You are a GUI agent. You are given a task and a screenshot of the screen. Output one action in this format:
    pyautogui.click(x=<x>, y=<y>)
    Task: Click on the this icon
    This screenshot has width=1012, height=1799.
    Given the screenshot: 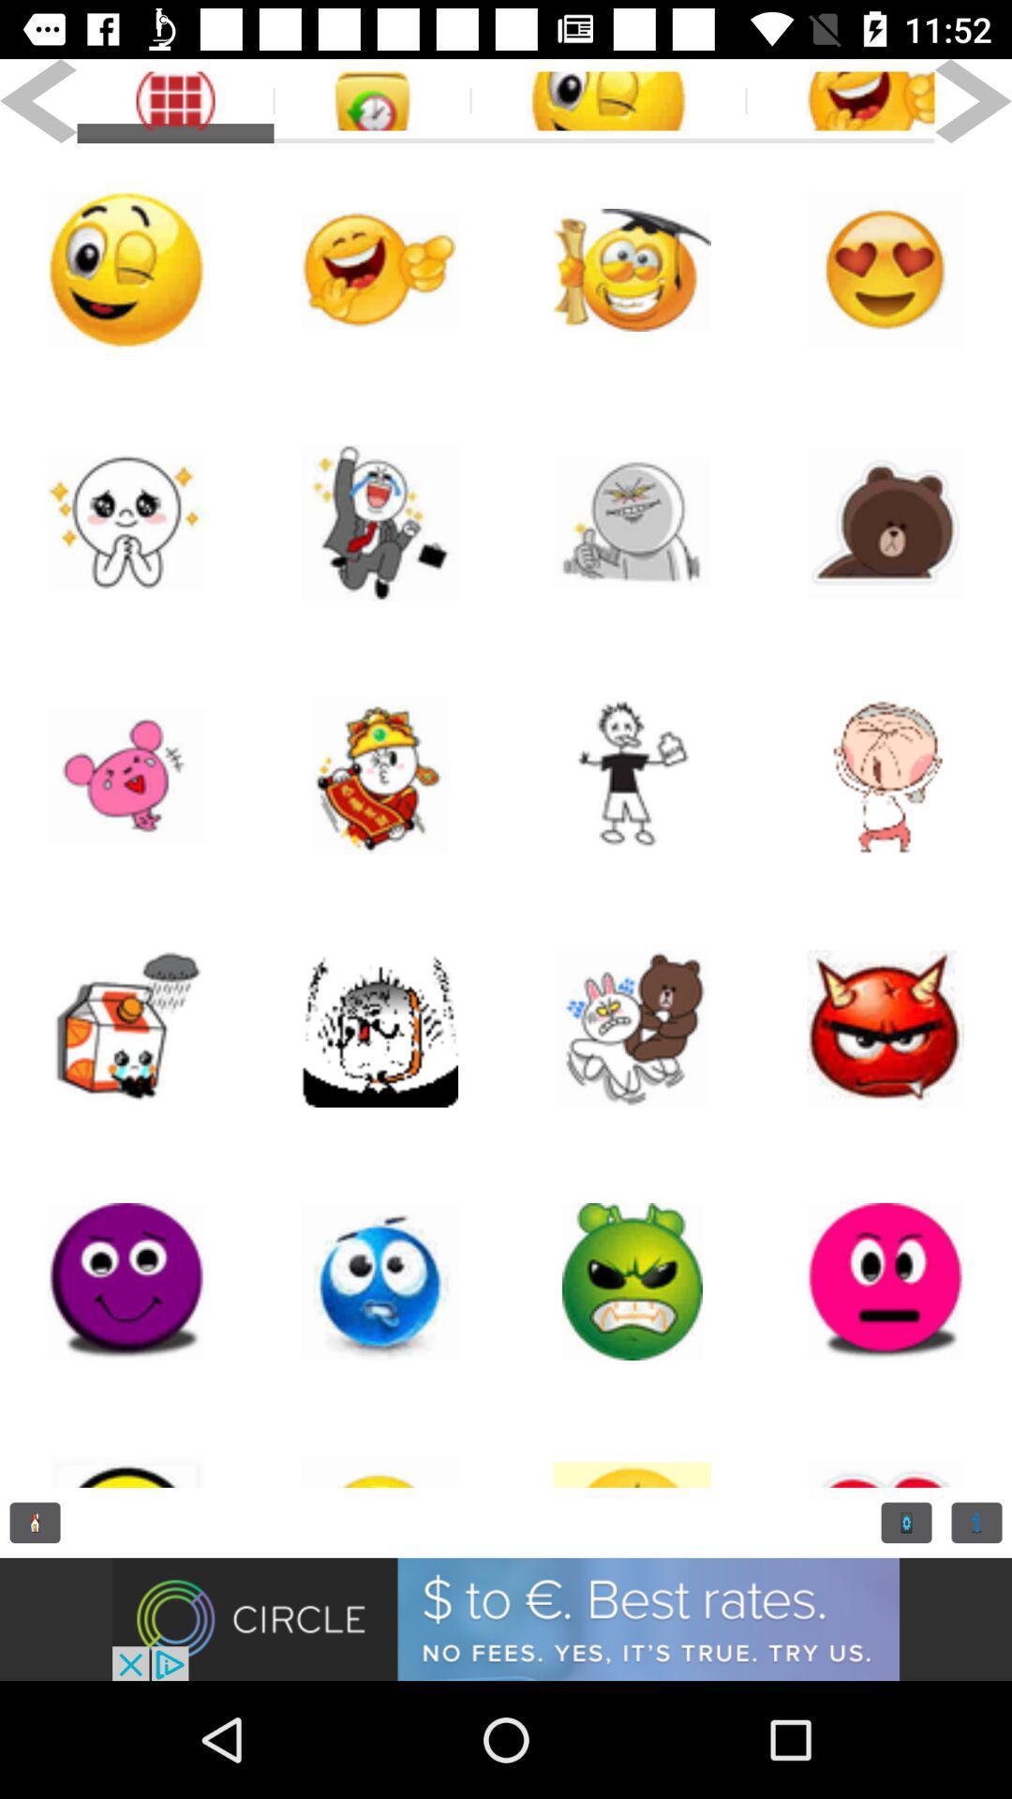 What is the action you would take?
    pyautogui.click(x=632, y=1447)
    